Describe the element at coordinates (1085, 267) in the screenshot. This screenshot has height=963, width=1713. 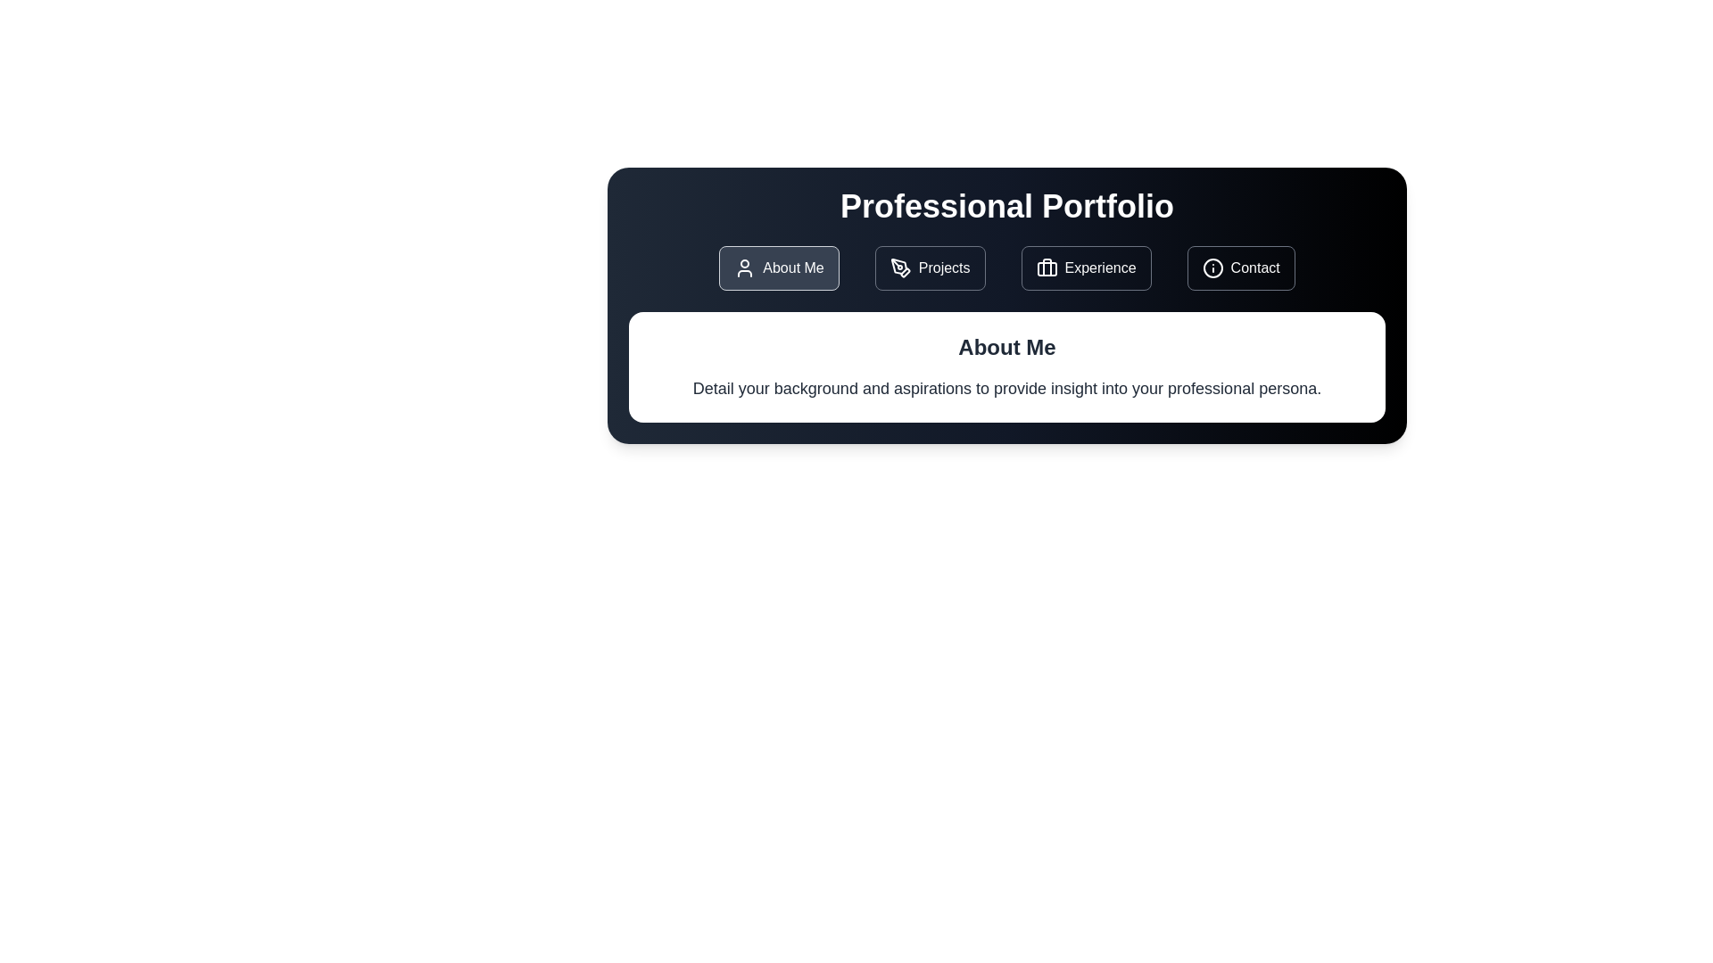
I see `the 'Experience' button in the navigation bar, which has a dark background and contains a briefcase icon` at that location.